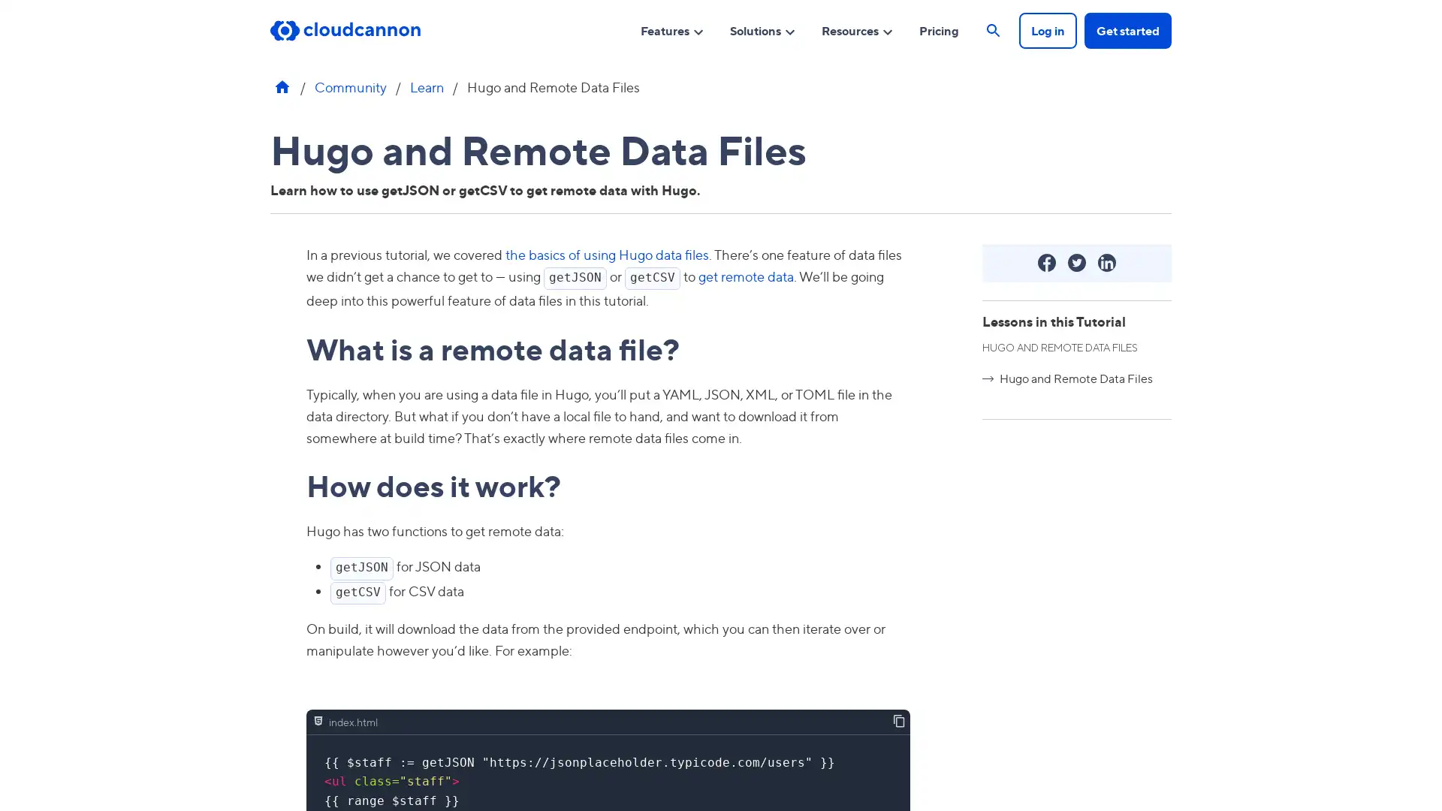 The height and width of the screenshot is (811, 1442). I want to click on Solutions, so click(763, 29).